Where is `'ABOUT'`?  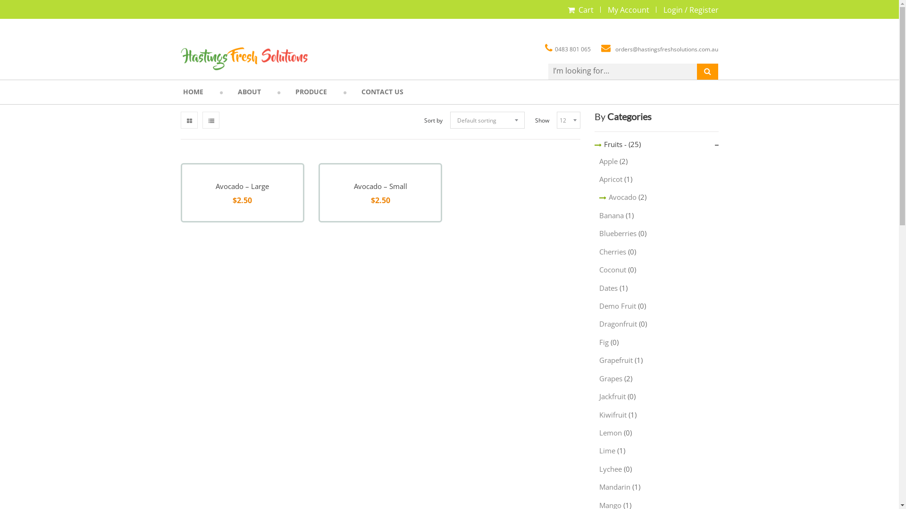 'ABOUT' is located at coordinates (235, 92).